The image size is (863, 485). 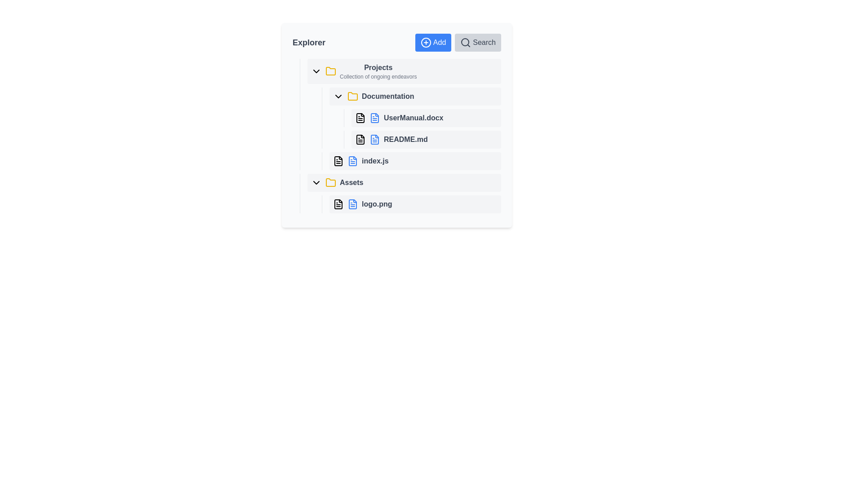 I want to click on the magnifying glass icon styled as an SVG graphic, representing search functionality, located within the 'Search' button in the top-right corner of the interface, so click(x=466, y=43).